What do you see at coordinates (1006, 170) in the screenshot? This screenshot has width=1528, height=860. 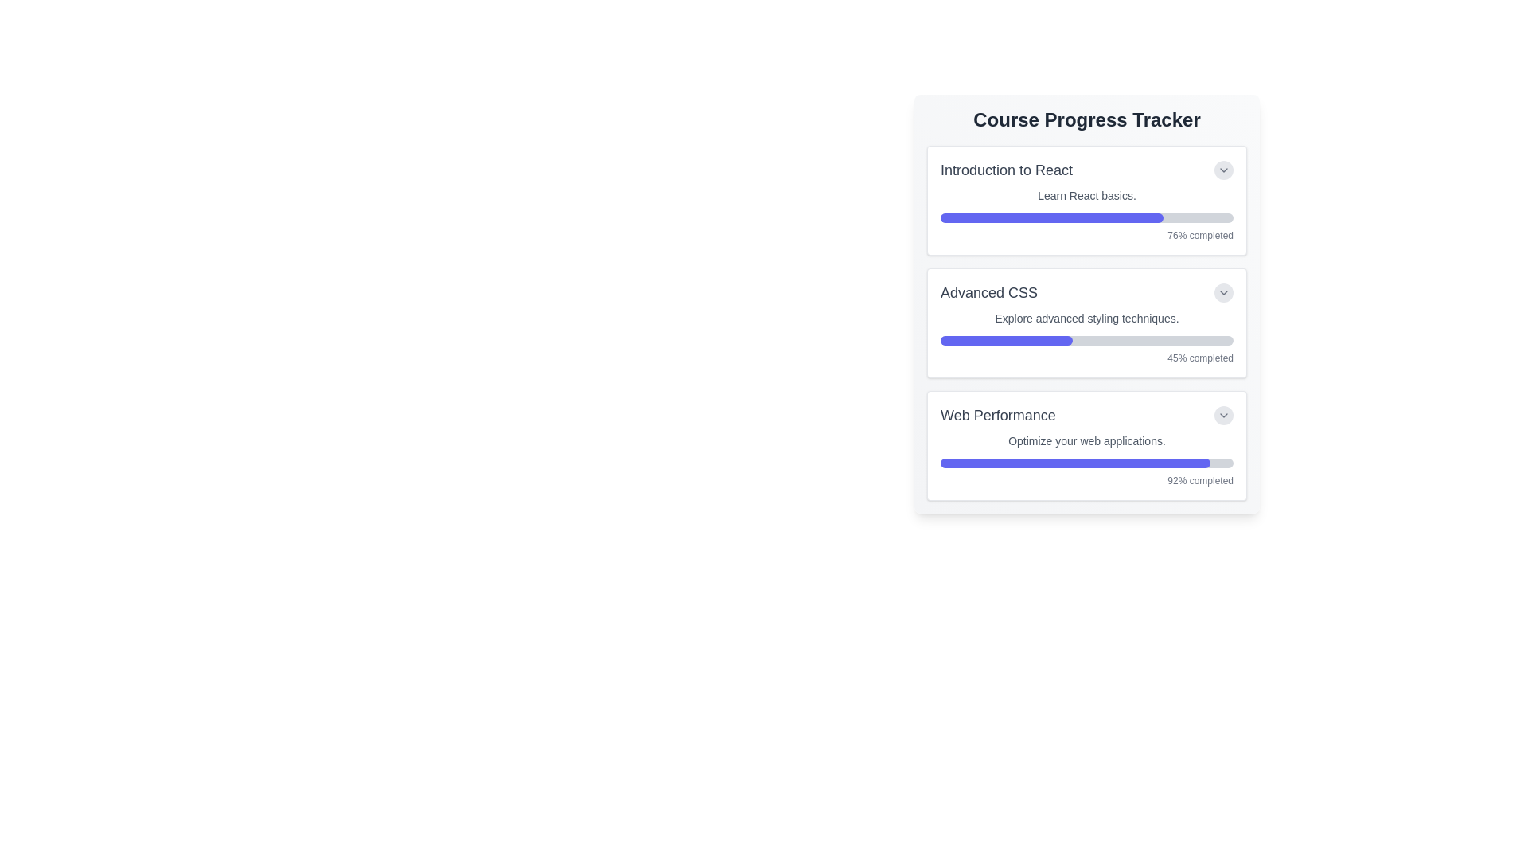 I see `the text label displaying 'Introduction to React' in a large, bold font at the top of the progress tracker interface` at bounding box center [1006, 170].